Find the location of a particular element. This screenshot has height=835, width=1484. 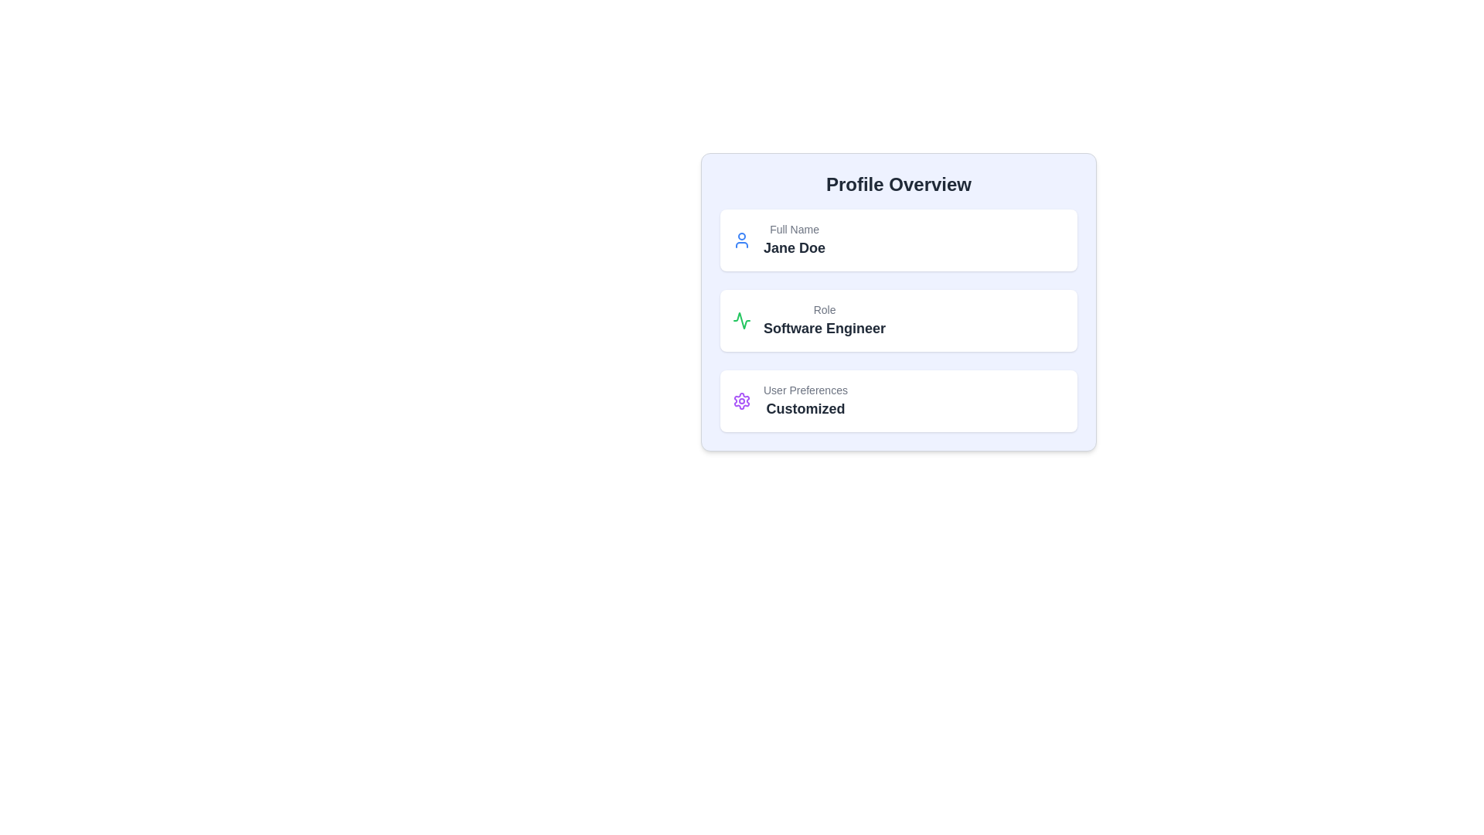

text component that describes the user's preferences, located below the 'Software Engineer' section in the profile overview card is located at coordinates (805, 400).